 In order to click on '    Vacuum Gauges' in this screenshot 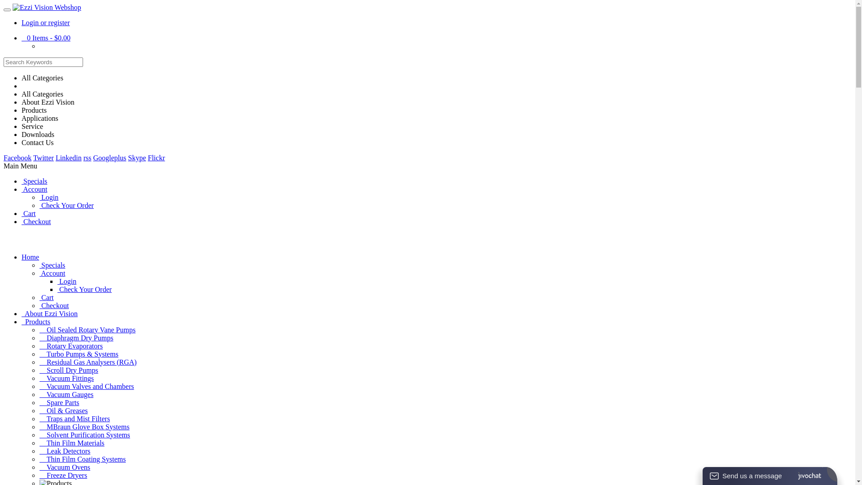, I will do `click(66, 394)`.